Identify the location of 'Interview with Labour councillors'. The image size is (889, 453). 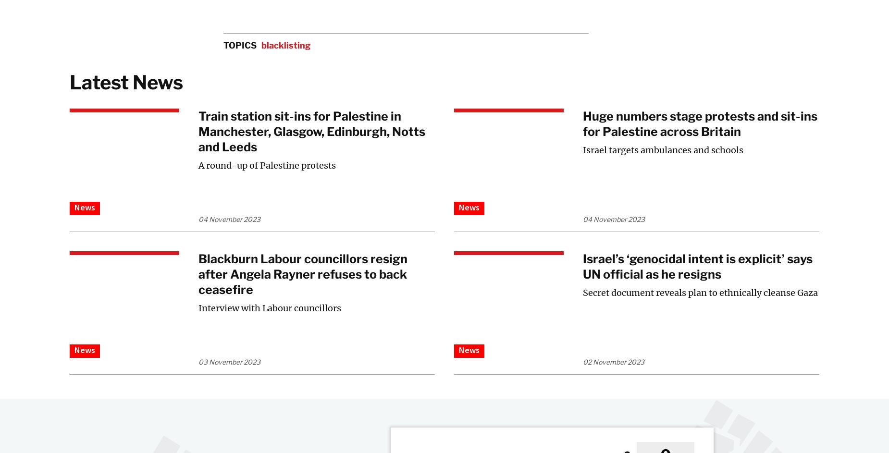
(270, 308).